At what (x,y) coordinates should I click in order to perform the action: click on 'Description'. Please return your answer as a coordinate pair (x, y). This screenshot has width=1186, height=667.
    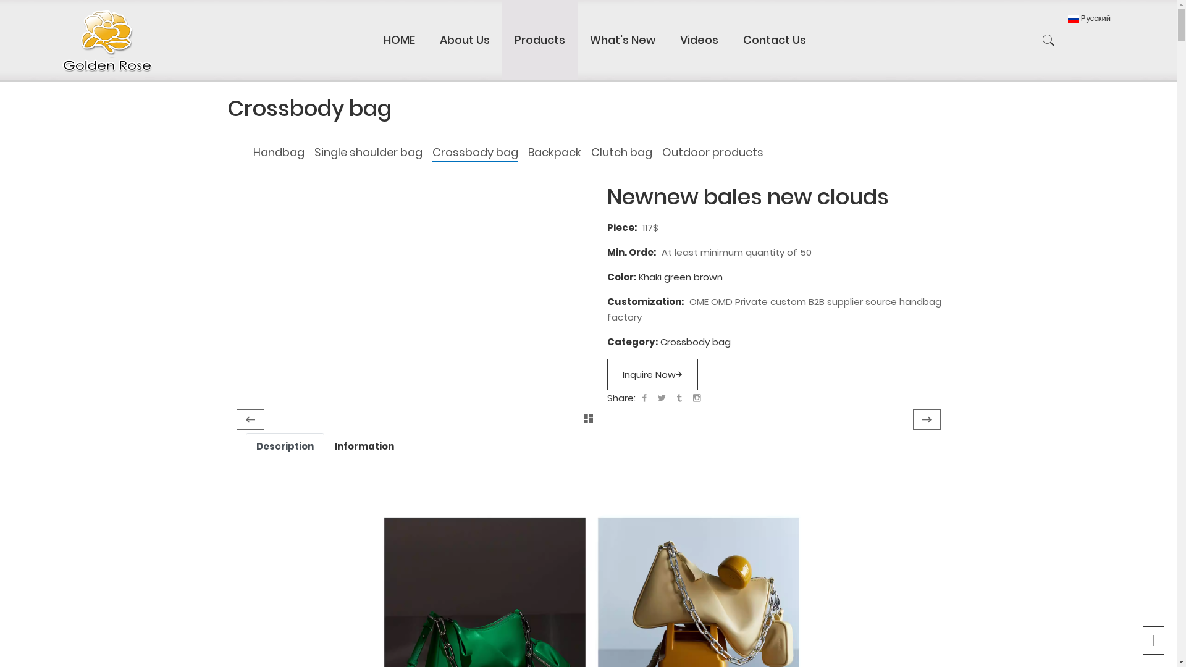
    Looking at the image, I should click on (284, 446).